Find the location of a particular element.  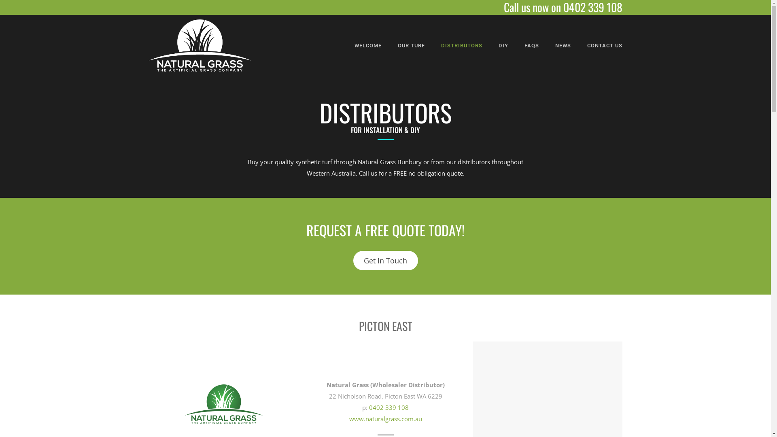

'DISTRIBUTORS' is located at coordinates (462, 45).